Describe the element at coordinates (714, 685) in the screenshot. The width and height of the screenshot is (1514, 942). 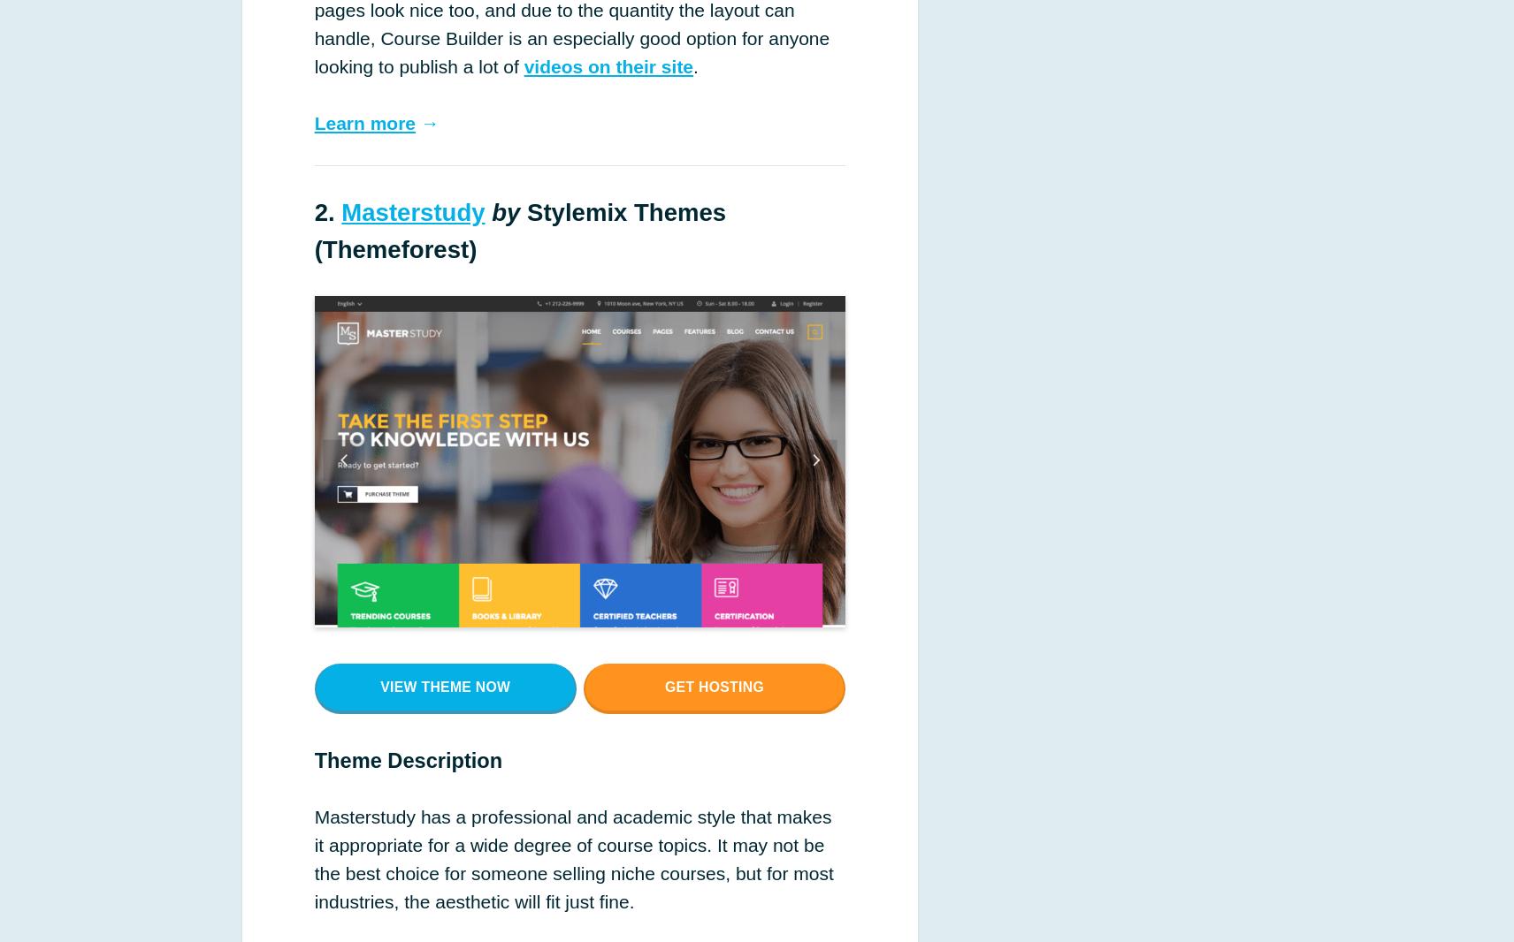
I see `'Get hosting'` at that location.